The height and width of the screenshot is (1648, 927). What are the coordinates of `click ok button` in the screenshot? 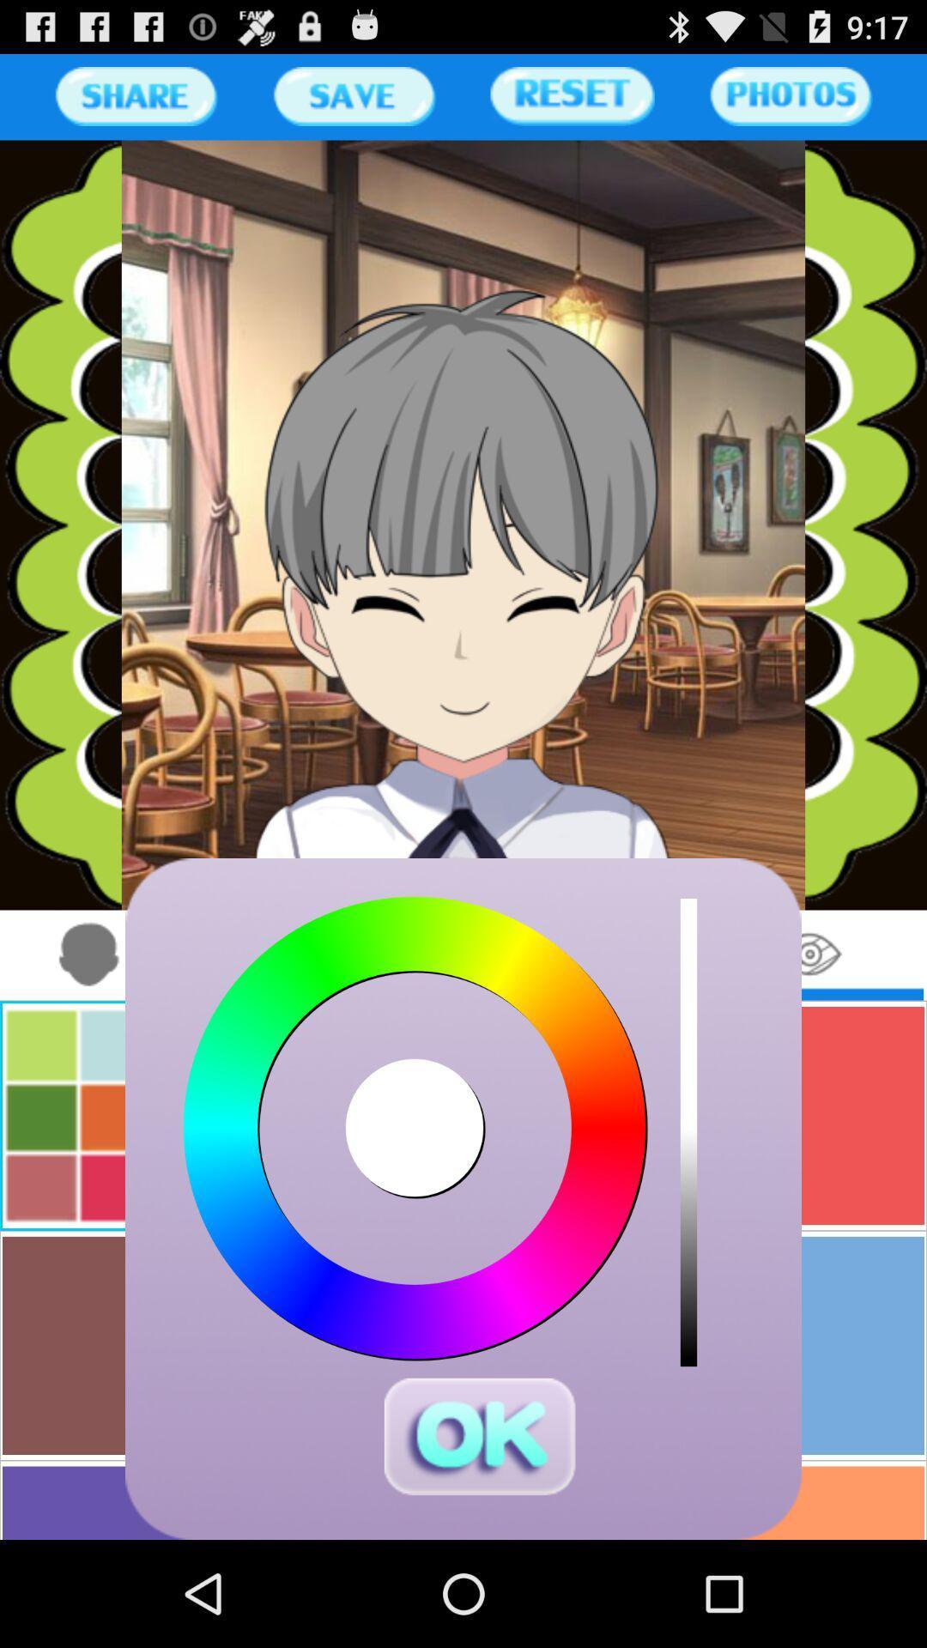 It's located at (480, 1437).